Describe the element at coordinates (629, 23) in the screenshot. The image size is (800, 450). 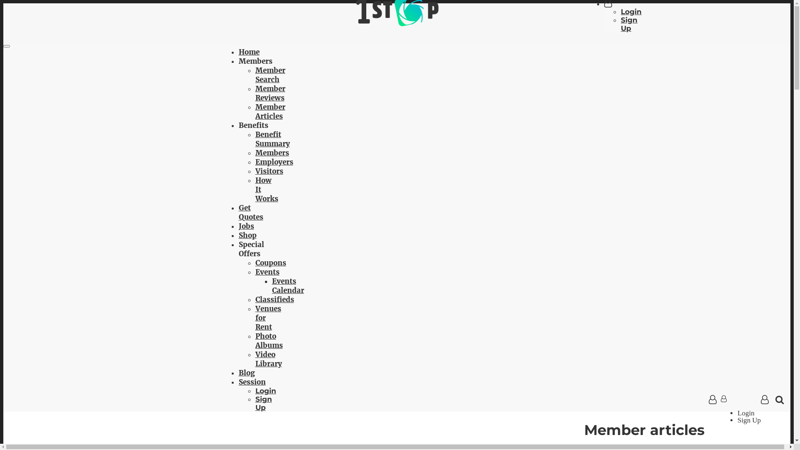
I see `'Sign Up'` at that location.